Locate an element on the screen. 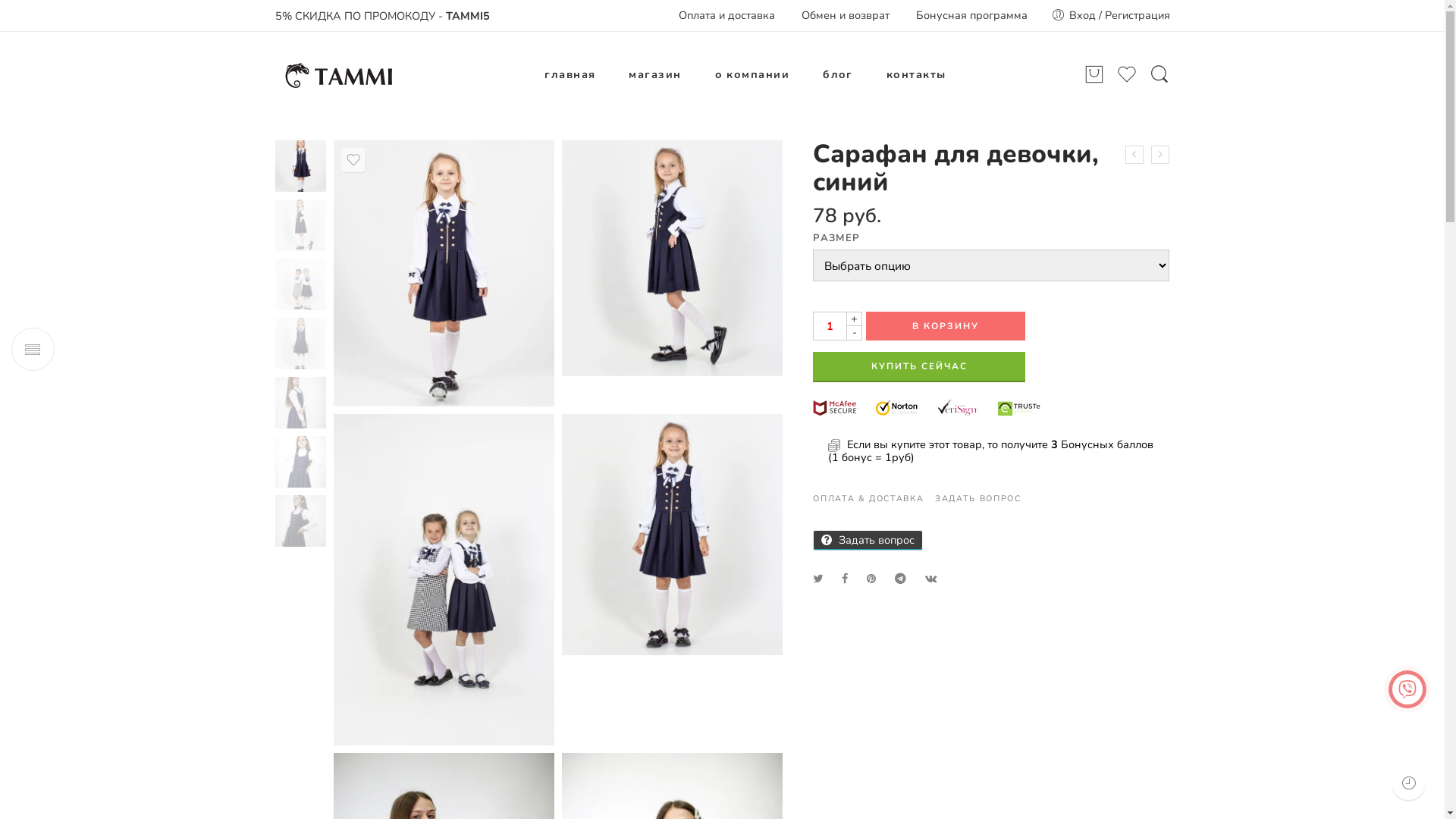 The width and height of the screenshot is (1456, 819). '+' is located at coordinates (854, 318).